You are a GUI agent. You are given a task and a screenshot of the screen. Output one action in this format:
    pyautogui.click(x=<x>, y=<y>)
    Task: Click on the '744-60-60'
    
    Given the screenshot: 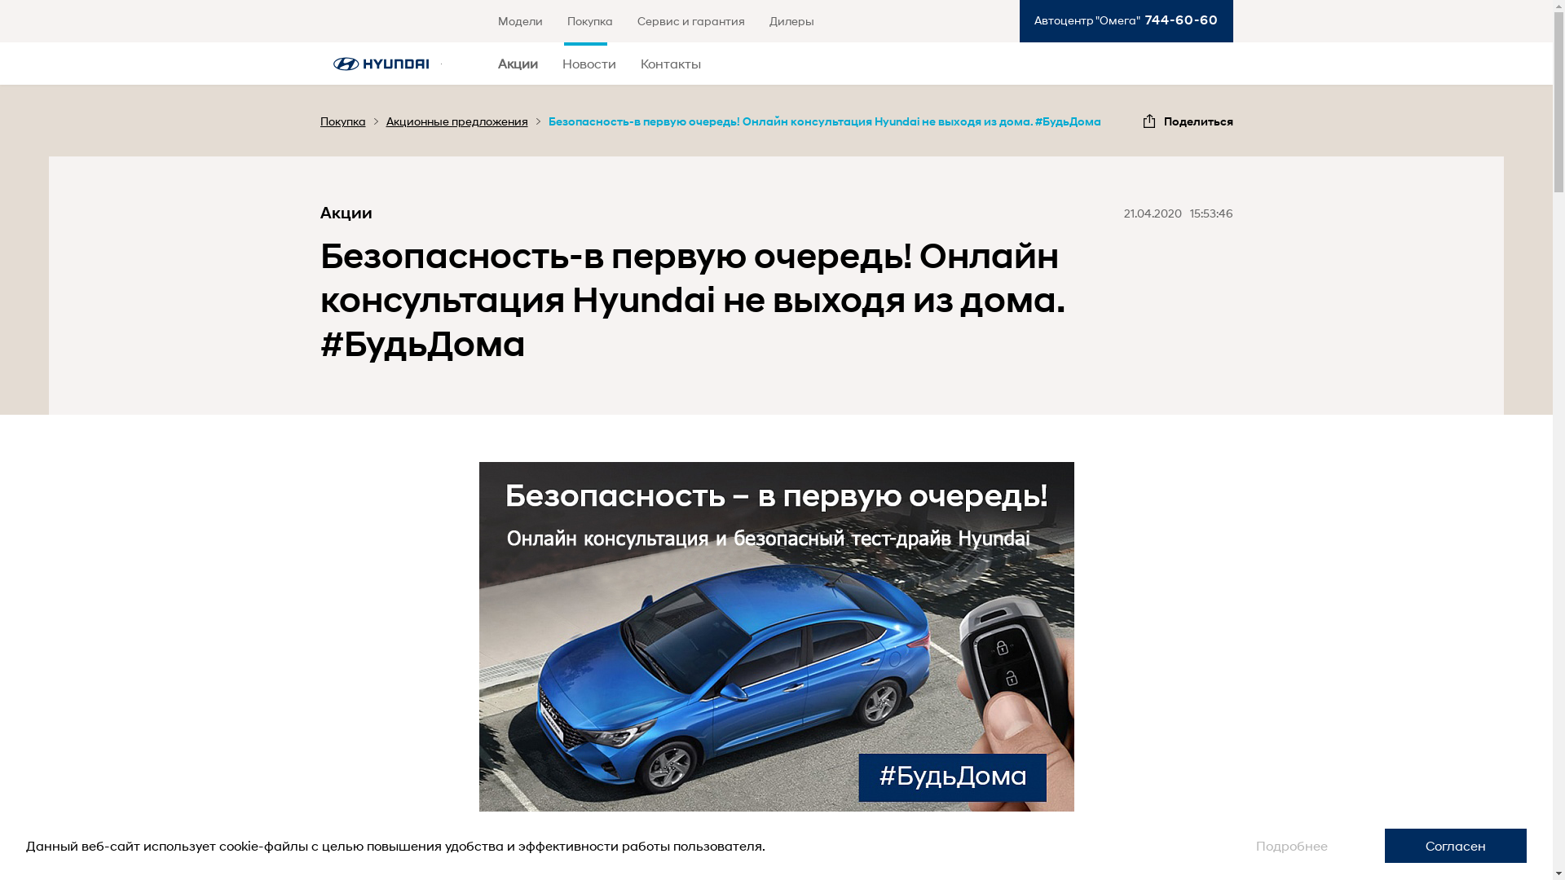 What is the action you would take?
    pyautogui.click(x=1138, y=20)
    